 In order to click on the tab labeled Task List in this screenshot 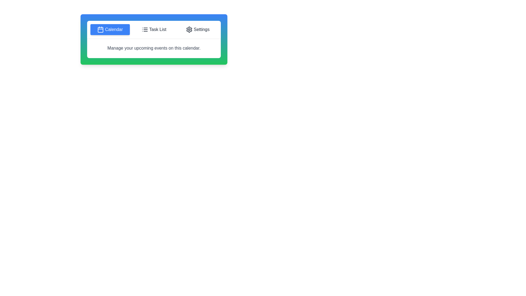, I will do `click(153, 30)`.